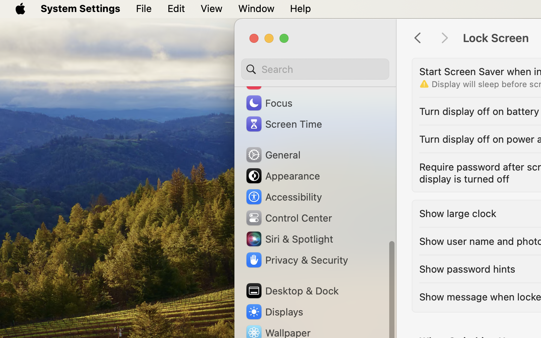  What do you see at coordinates (292, 290) in the screenshot?
I see `'Desktop & Dock'` at bounding box center [292, 290].